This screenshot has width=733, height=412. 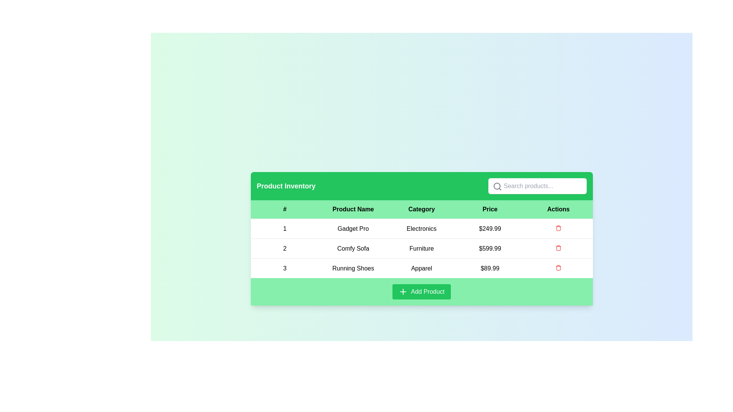 What do you see at coordinates (353, 248) in the screenshot?
I see `the row containing the 'Comfy Sofa' text by clicking on this Text display element located in the second row of the product table` at bounding box center [353, 248].